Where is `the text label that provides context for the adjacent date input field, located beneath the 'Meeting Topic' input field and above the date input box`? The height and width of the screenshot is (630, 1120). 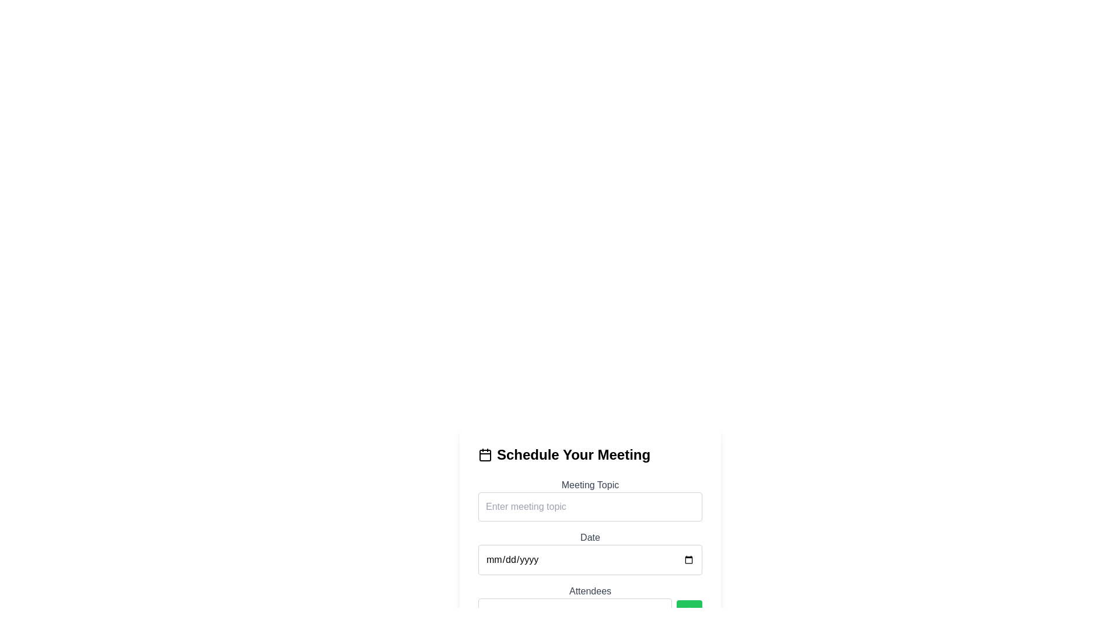
the text label that provides context for the adjacent date input field, located beneath the 'Meeting Topic' input field and above the date input box is located at coordinates (590, 537).